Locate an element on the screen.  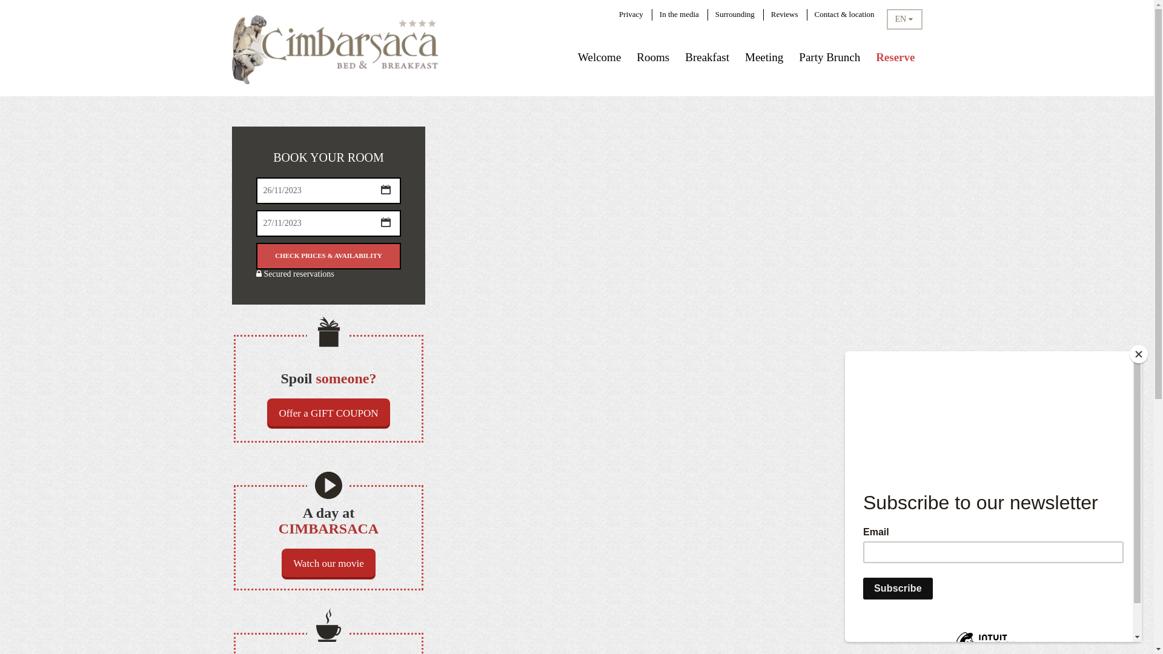
'Watch our movie' is located at coordinates (328, 563).